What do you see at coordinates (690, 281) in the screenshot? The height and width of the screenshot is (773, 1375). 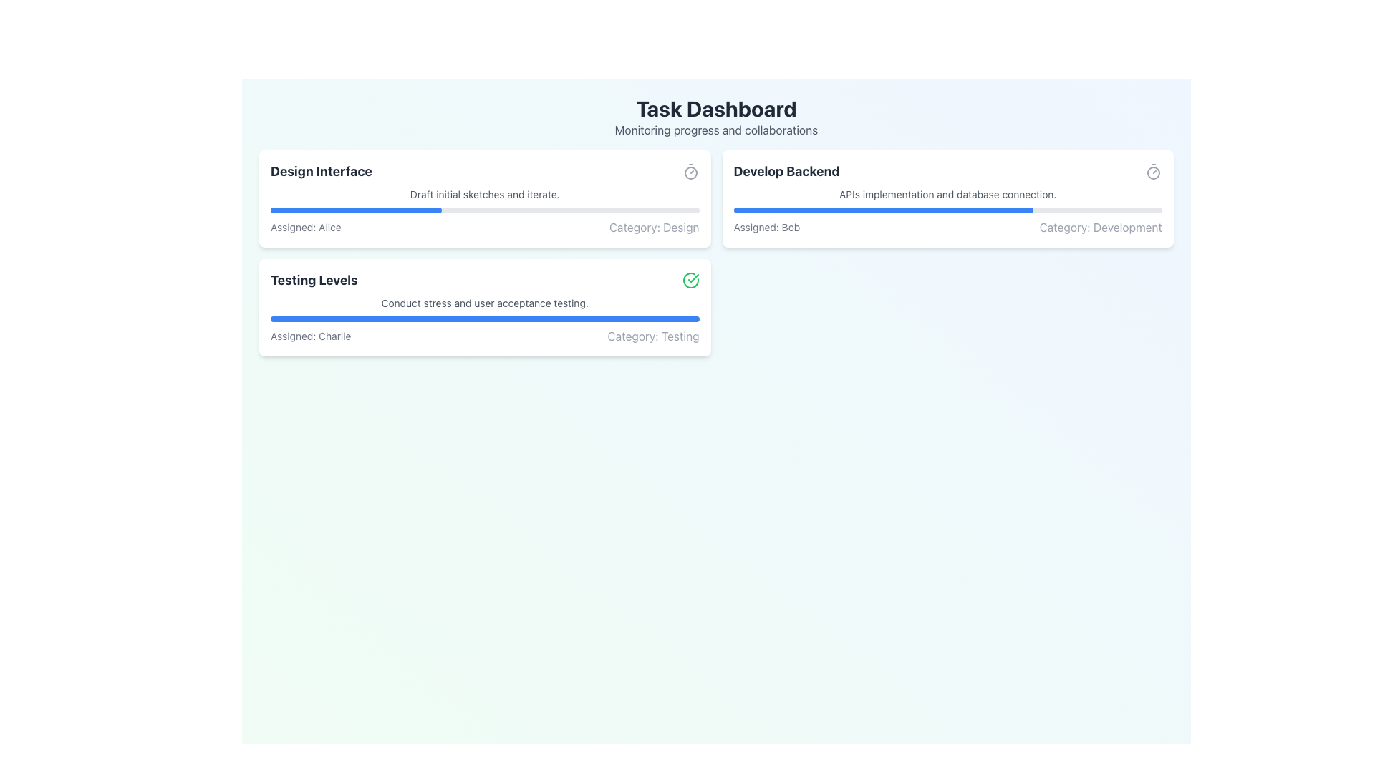 I see `the green circular icon with a checkmark symbol located in the 'Testing Levels' section, right of the header text 'Testing Levels'` at bounding box center [690, 281].